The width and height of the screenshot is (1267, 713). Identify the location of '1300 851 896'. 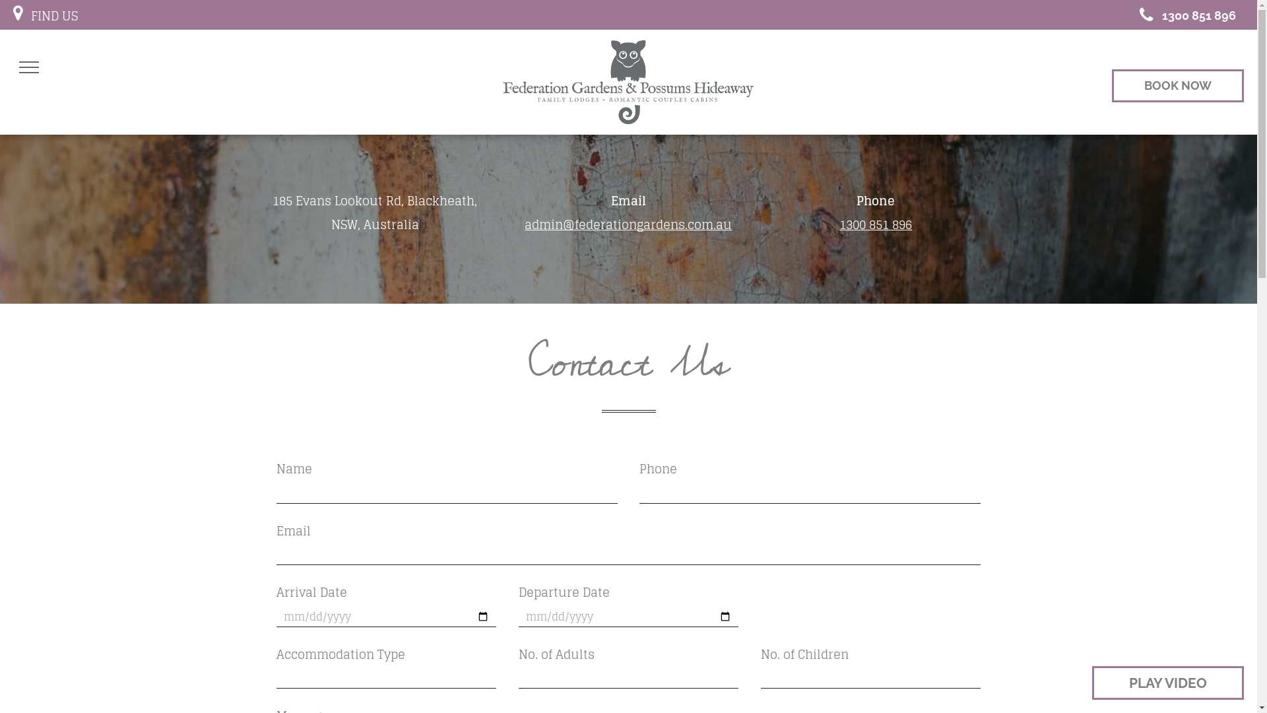
(875, 223).